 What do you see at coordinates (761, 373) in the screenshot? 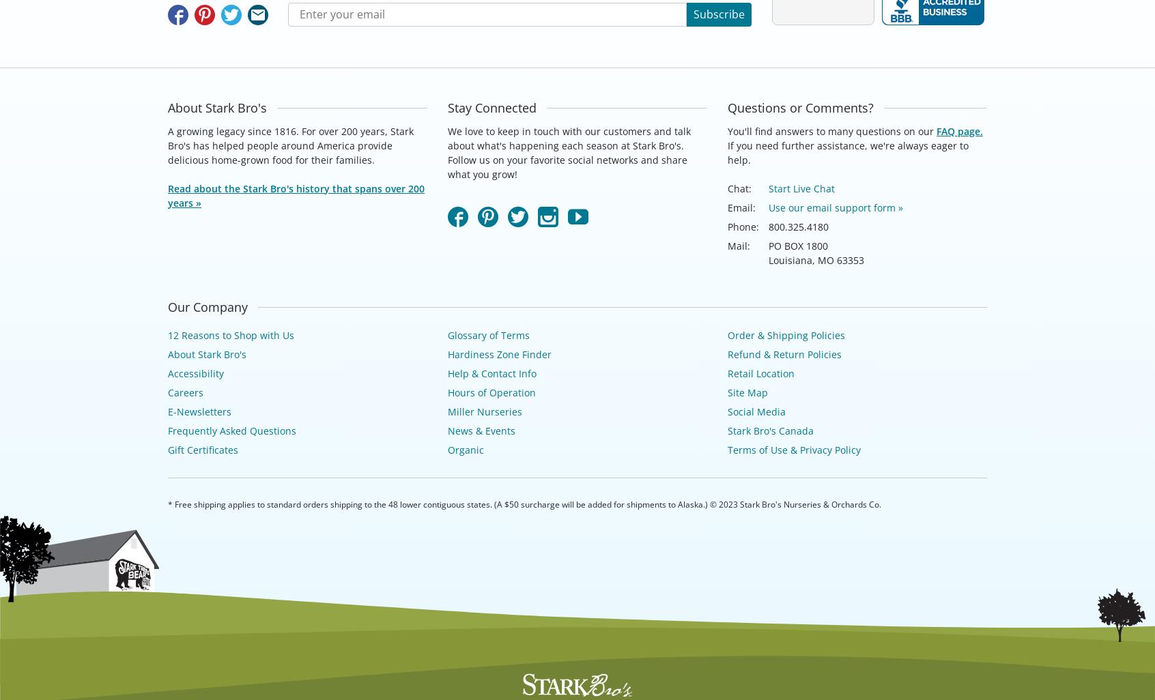
I see `'Retail Location'` at bounding box center [761, 373].